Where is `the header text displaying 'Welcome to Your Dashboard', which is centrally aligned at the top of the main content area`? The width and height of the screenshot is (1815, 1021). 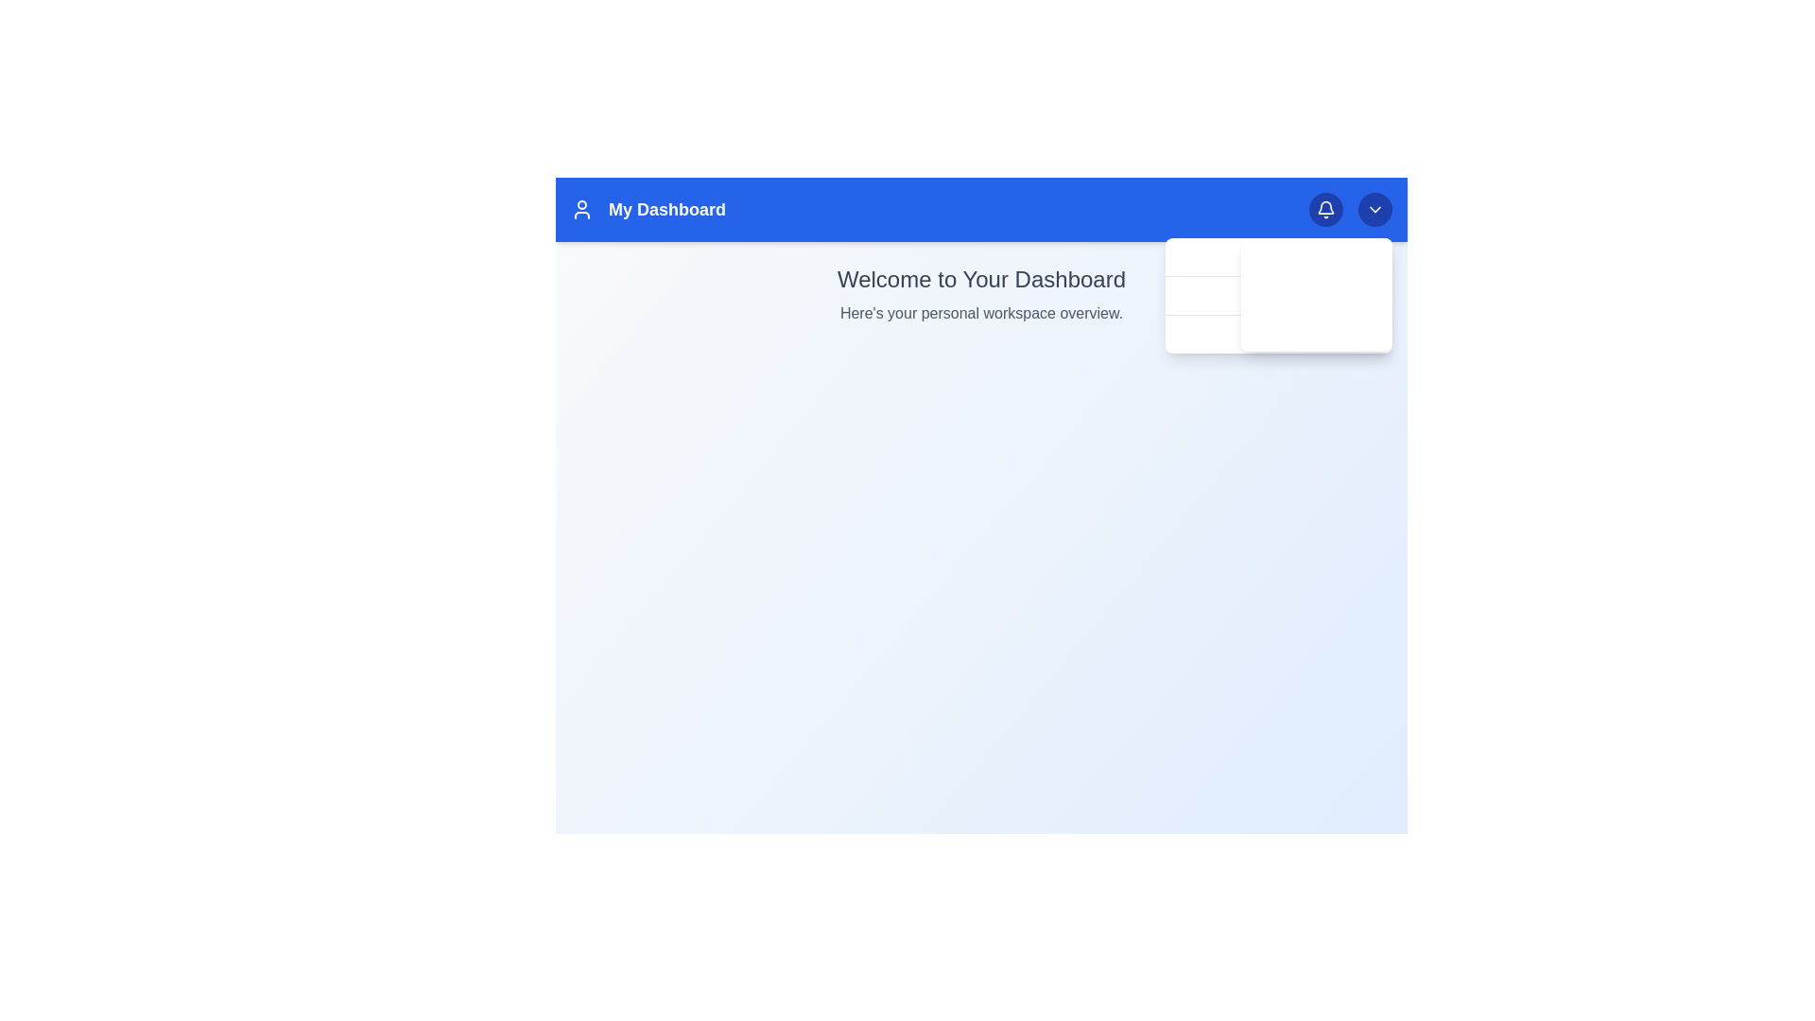 the header text displaying 'Welcome to Your Dashboard', which is centrally aligned at the top of the main content area is located at coordinates (981, 280).